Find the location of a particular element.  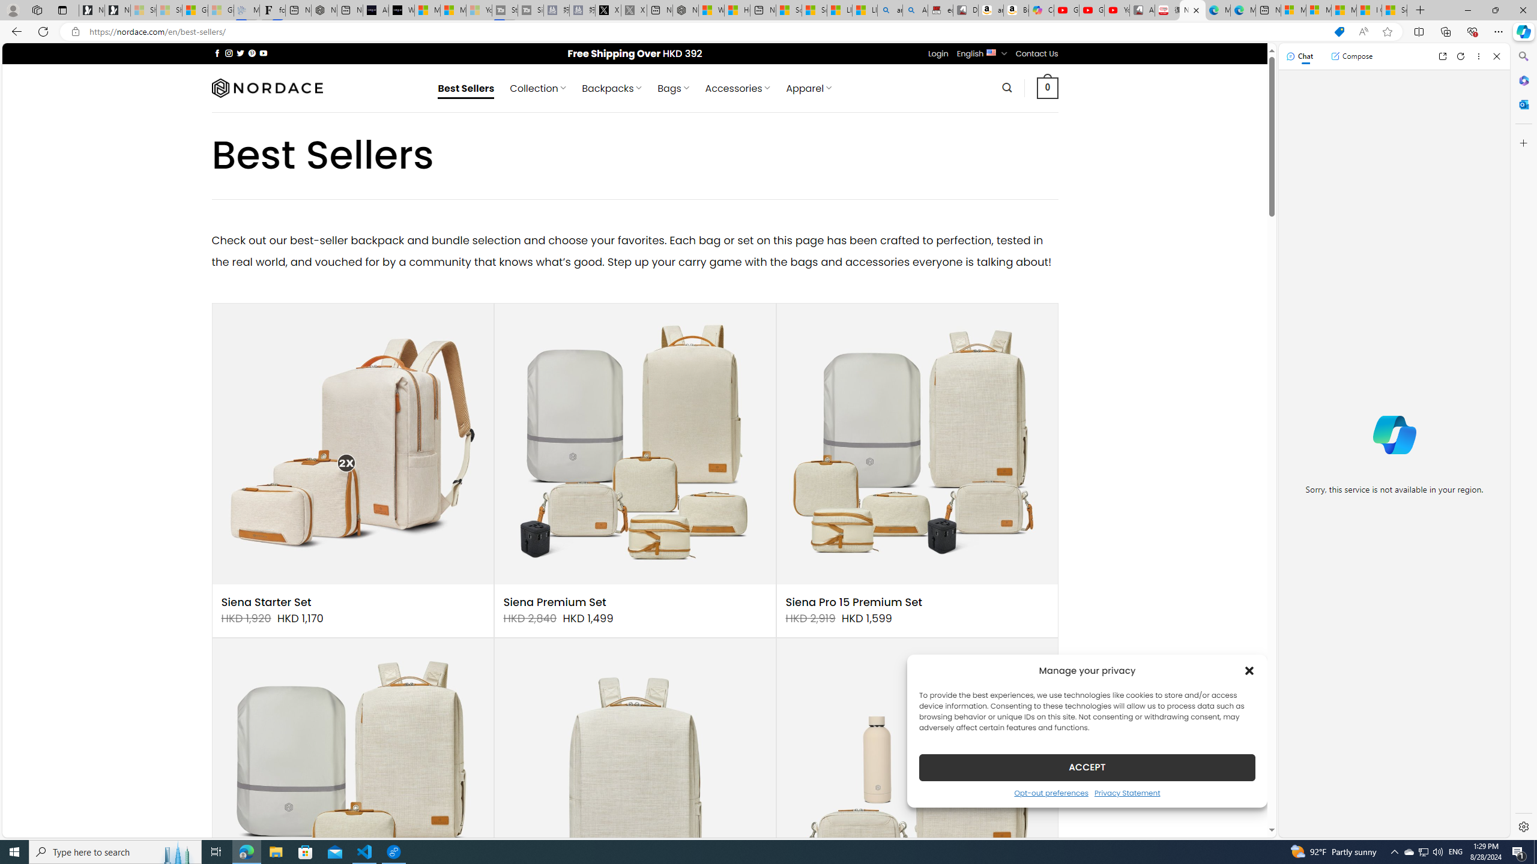

'AI Voice Changer for PC and Mac - Voice.ai' is located at coordinates (375, 10).